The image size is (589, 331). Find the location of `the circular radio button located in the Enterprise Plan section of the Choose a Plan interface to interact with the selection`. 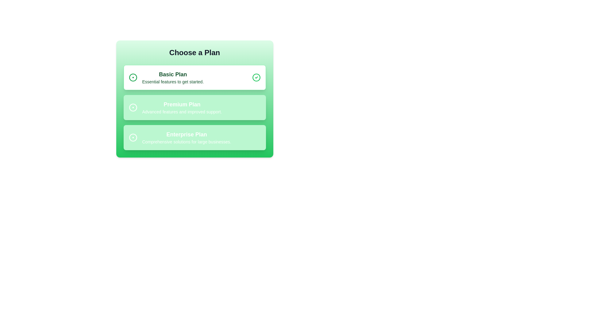

the circular radio button located in the Enterprise Plan section of the Choose a Plan interface to interact with the selection is located at coordinates (133, 137).